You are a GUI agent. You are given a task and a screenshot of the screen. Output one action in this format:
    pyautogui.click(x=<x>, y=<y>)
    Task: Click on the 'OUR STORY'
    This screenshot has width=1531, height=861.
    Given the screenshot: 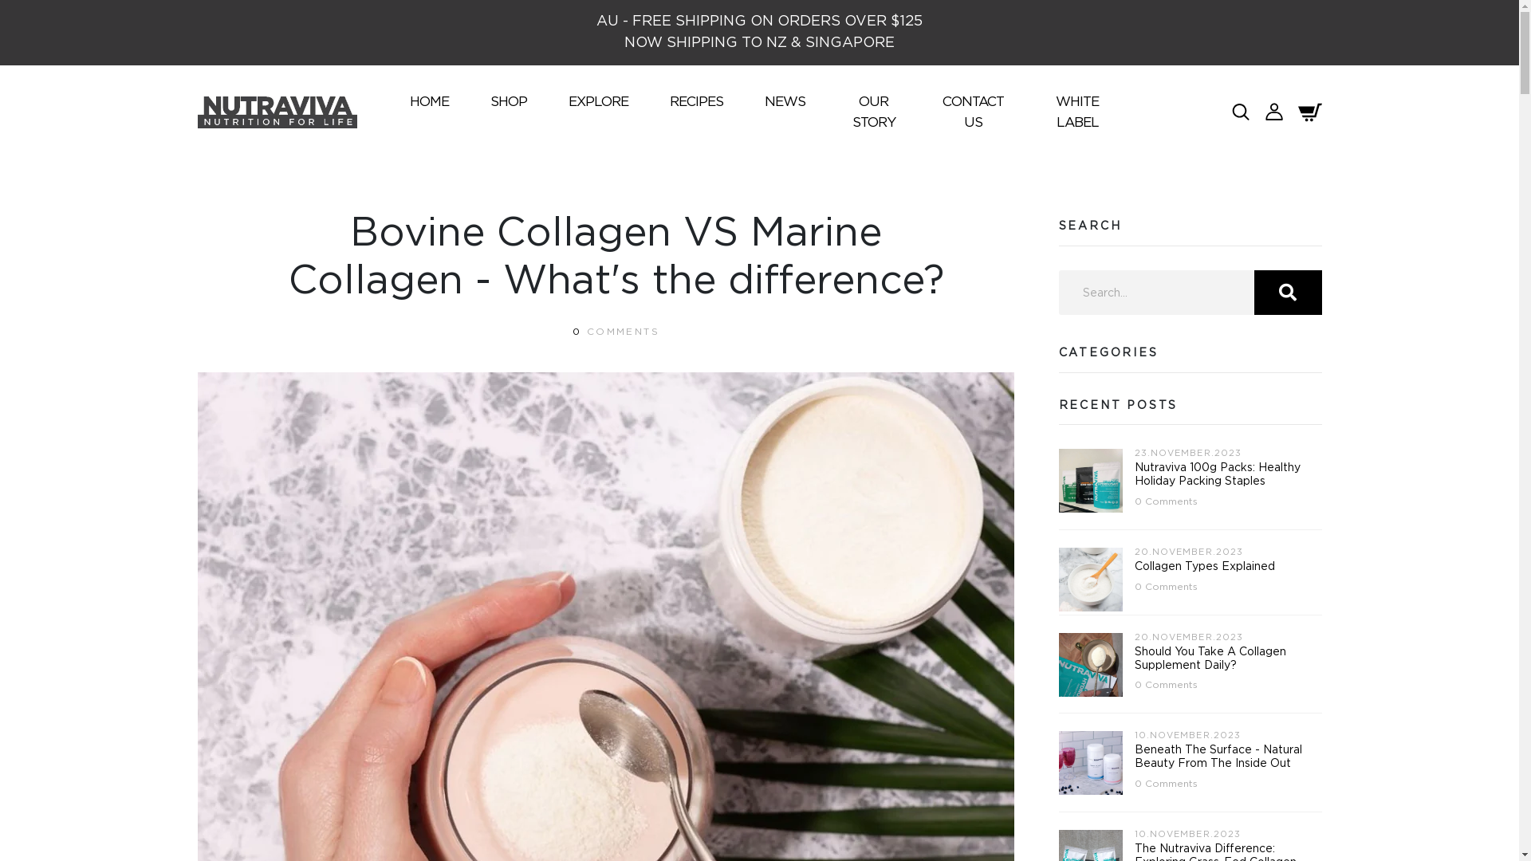 What is the action you would take?
    pyautogui.click(x=872, y=111)
    